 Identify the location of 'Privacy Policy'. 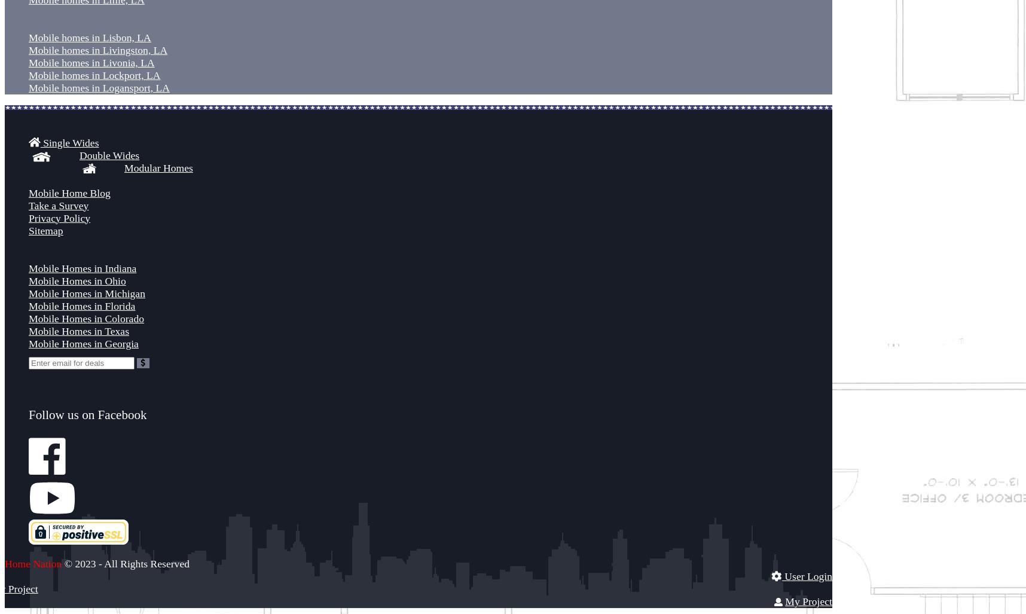
(59, 217).